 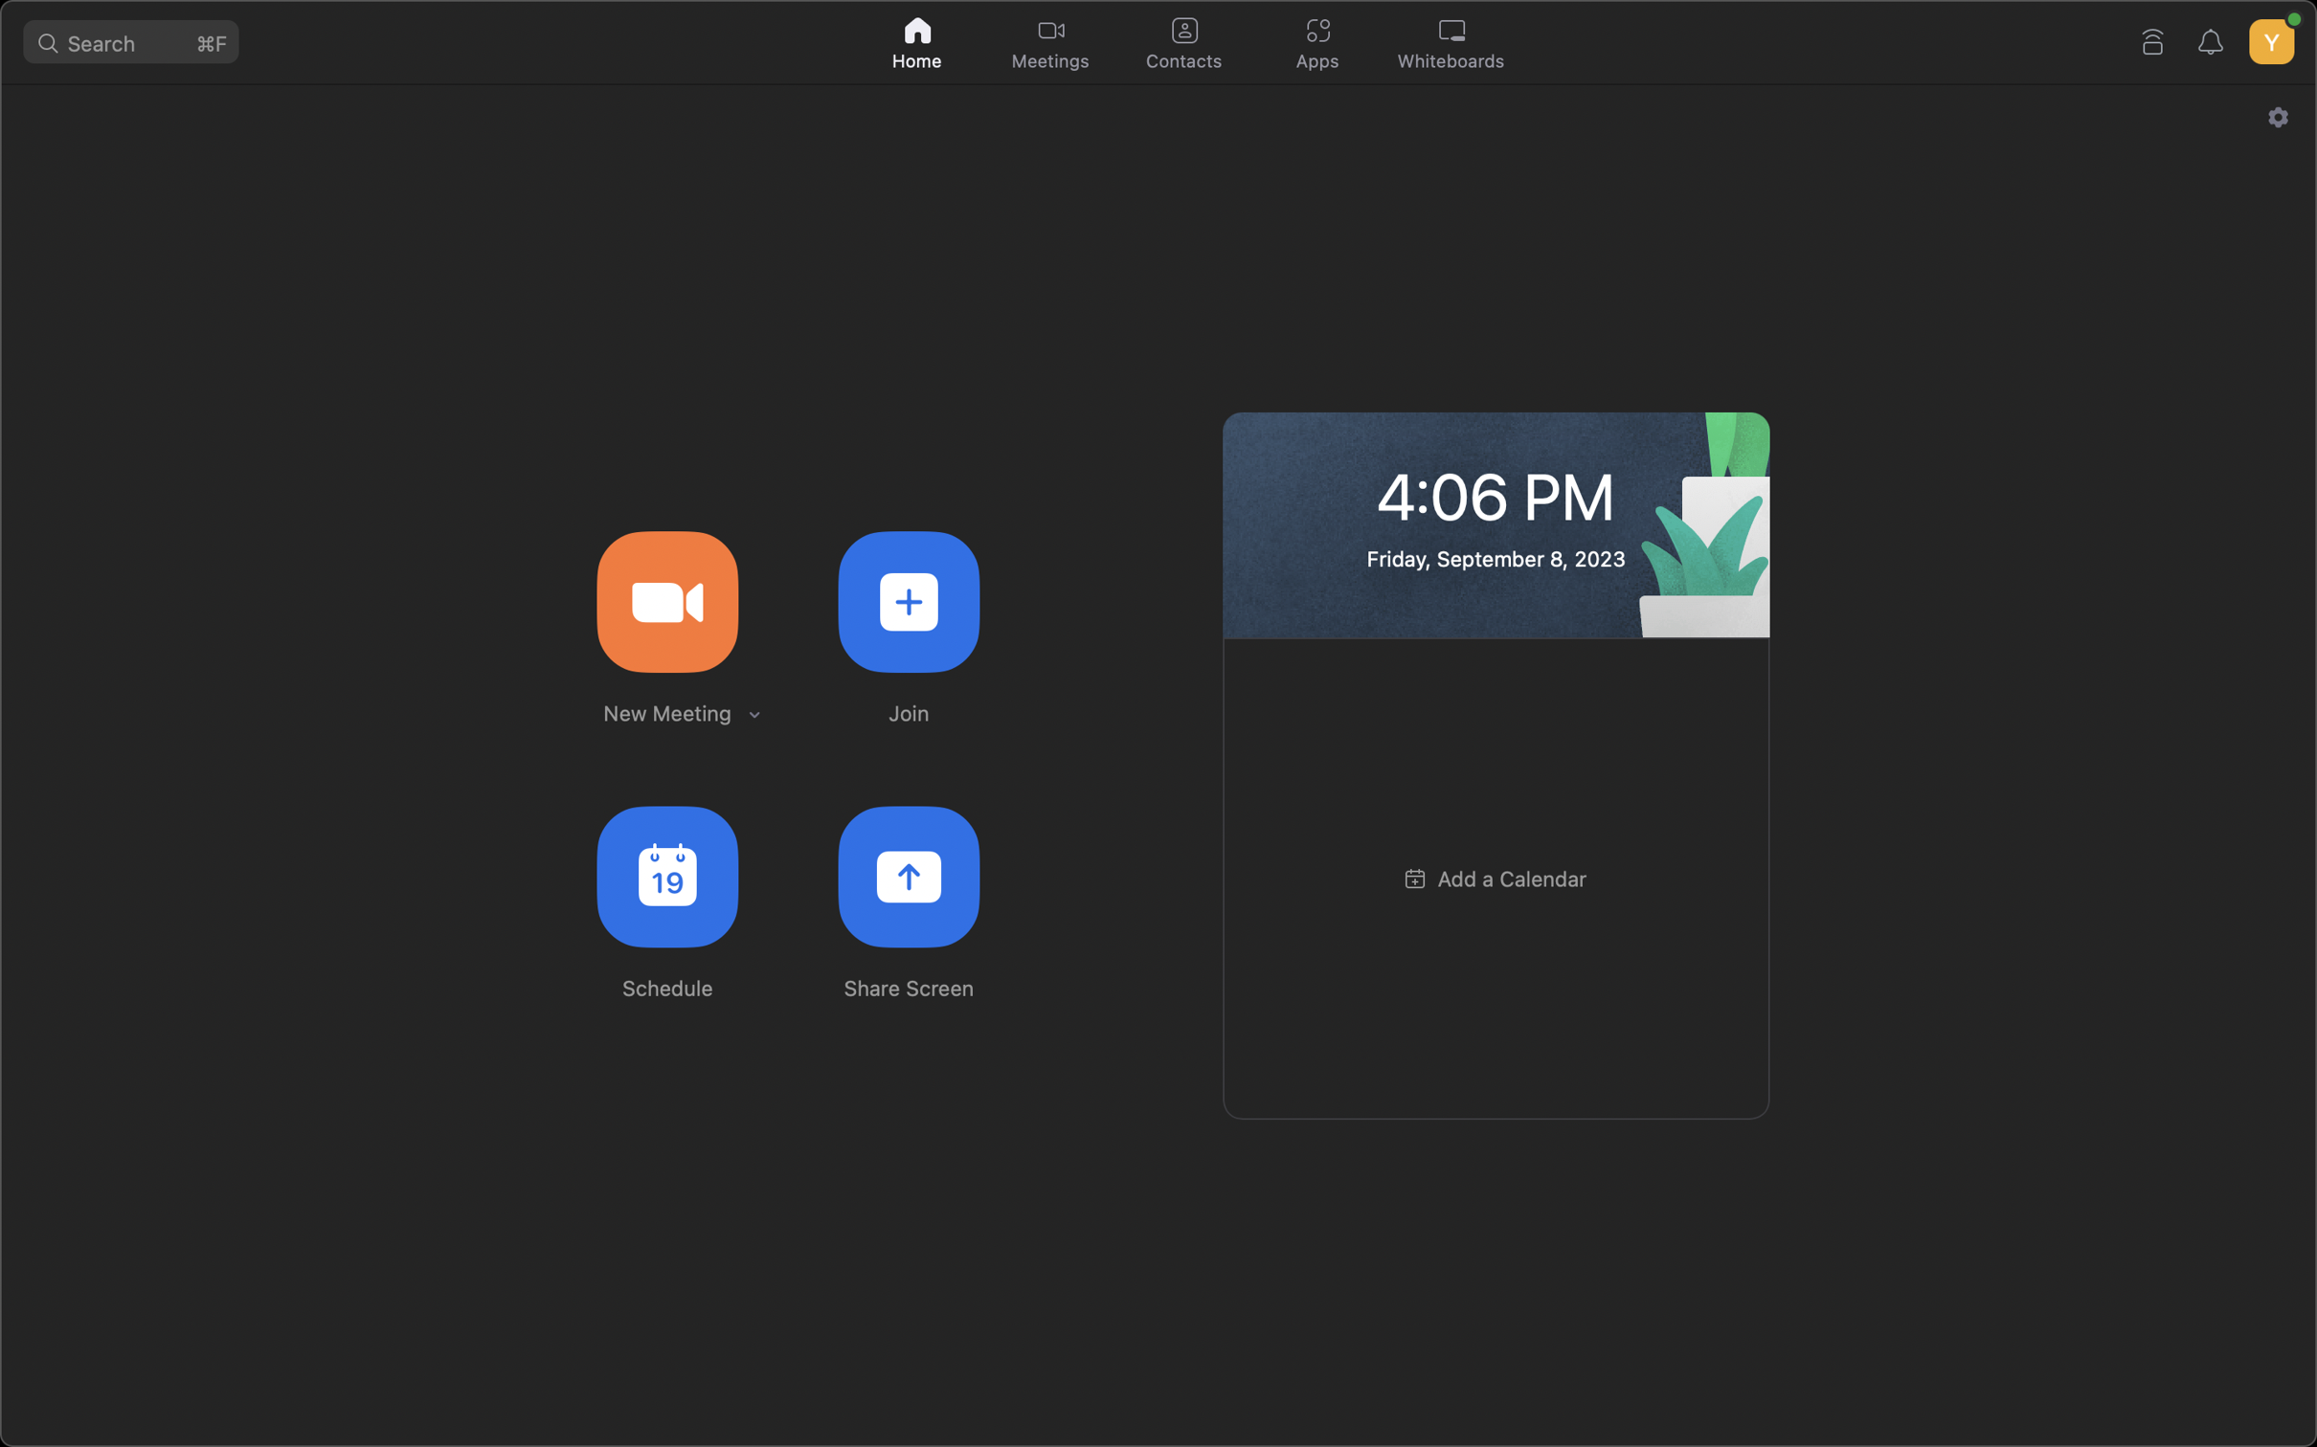 I want to click on Activate the whiteboard settings, so click(x=1455, y=44).